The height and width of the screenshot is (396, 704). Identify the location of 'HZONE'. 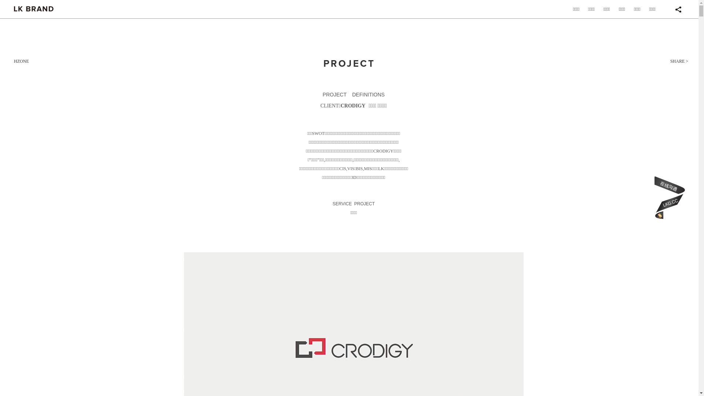
(21, 60).